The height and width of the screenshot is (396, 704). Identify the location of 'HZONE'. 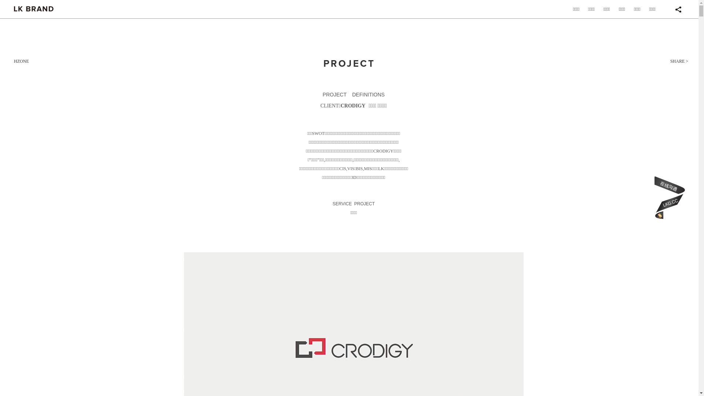
(21, 60).